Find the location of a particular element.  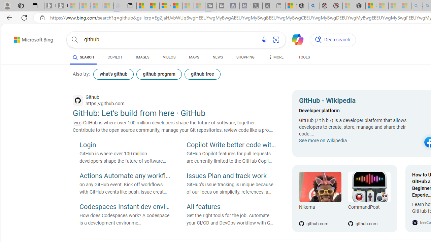

'SHOPPING' is located at coordinates (245, 58).